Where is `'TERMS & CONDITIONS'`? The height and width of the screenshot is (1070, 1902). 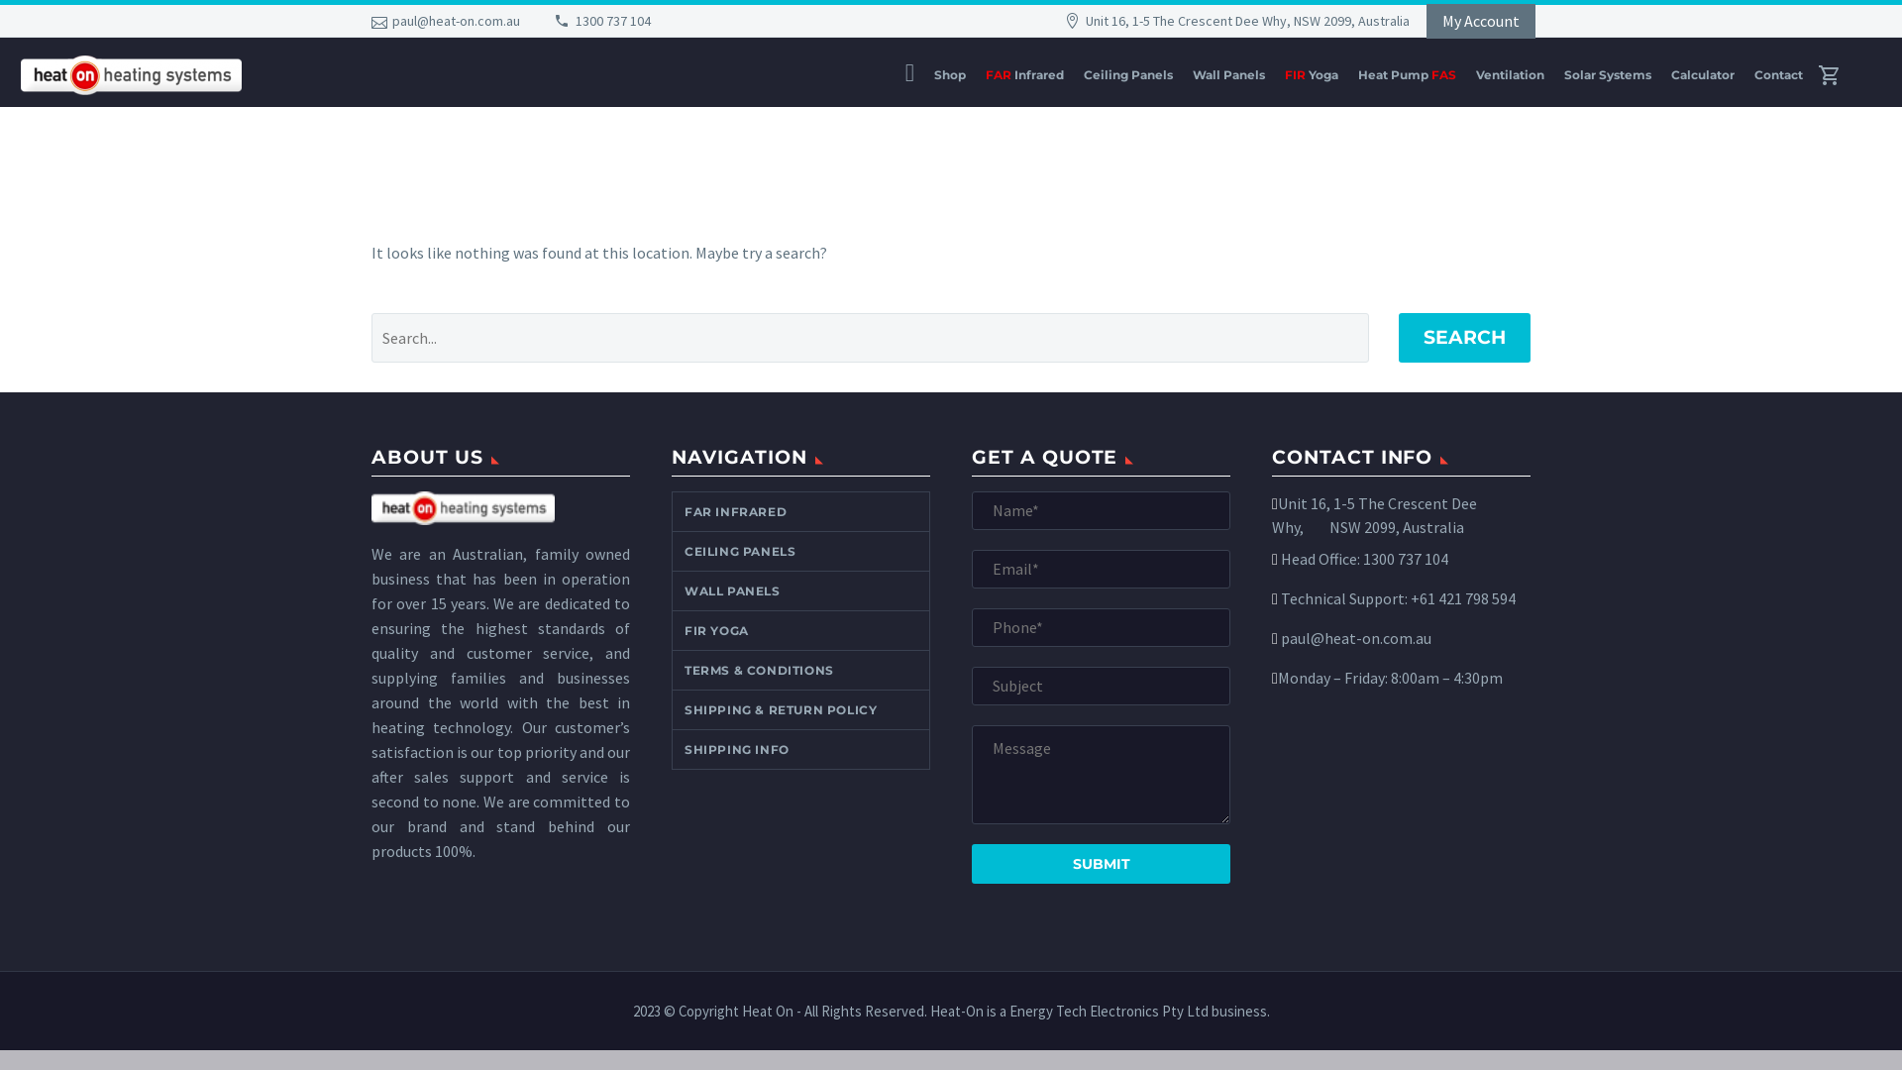 'TERMS & CONDITIONS' is located at coordinates (672, 669).